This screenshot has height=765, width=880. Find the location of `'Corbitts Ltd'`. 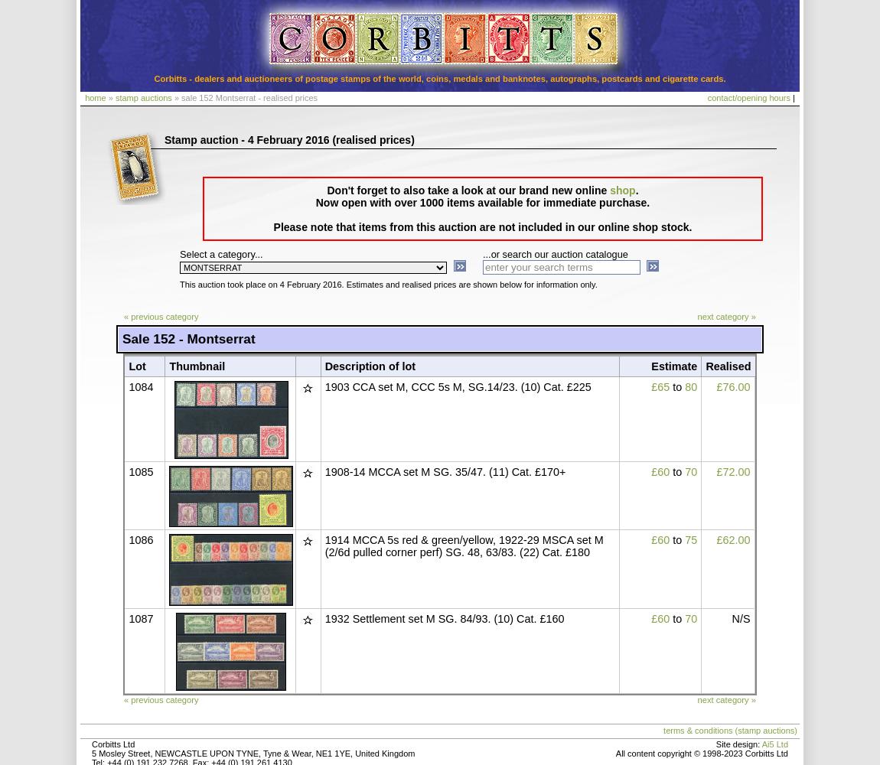

'Corbitts Ltd' is located at coordinates (112, 744).